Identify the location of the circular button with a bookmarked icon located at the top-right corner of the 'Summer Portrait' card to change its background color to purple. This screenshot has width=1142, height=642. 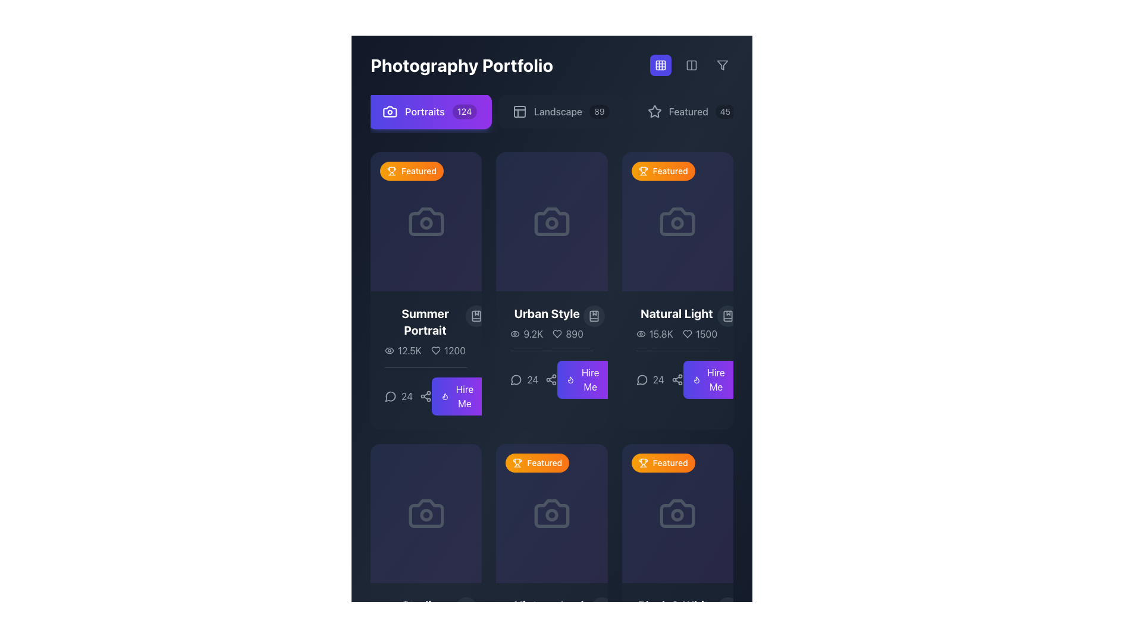
(476, 316).